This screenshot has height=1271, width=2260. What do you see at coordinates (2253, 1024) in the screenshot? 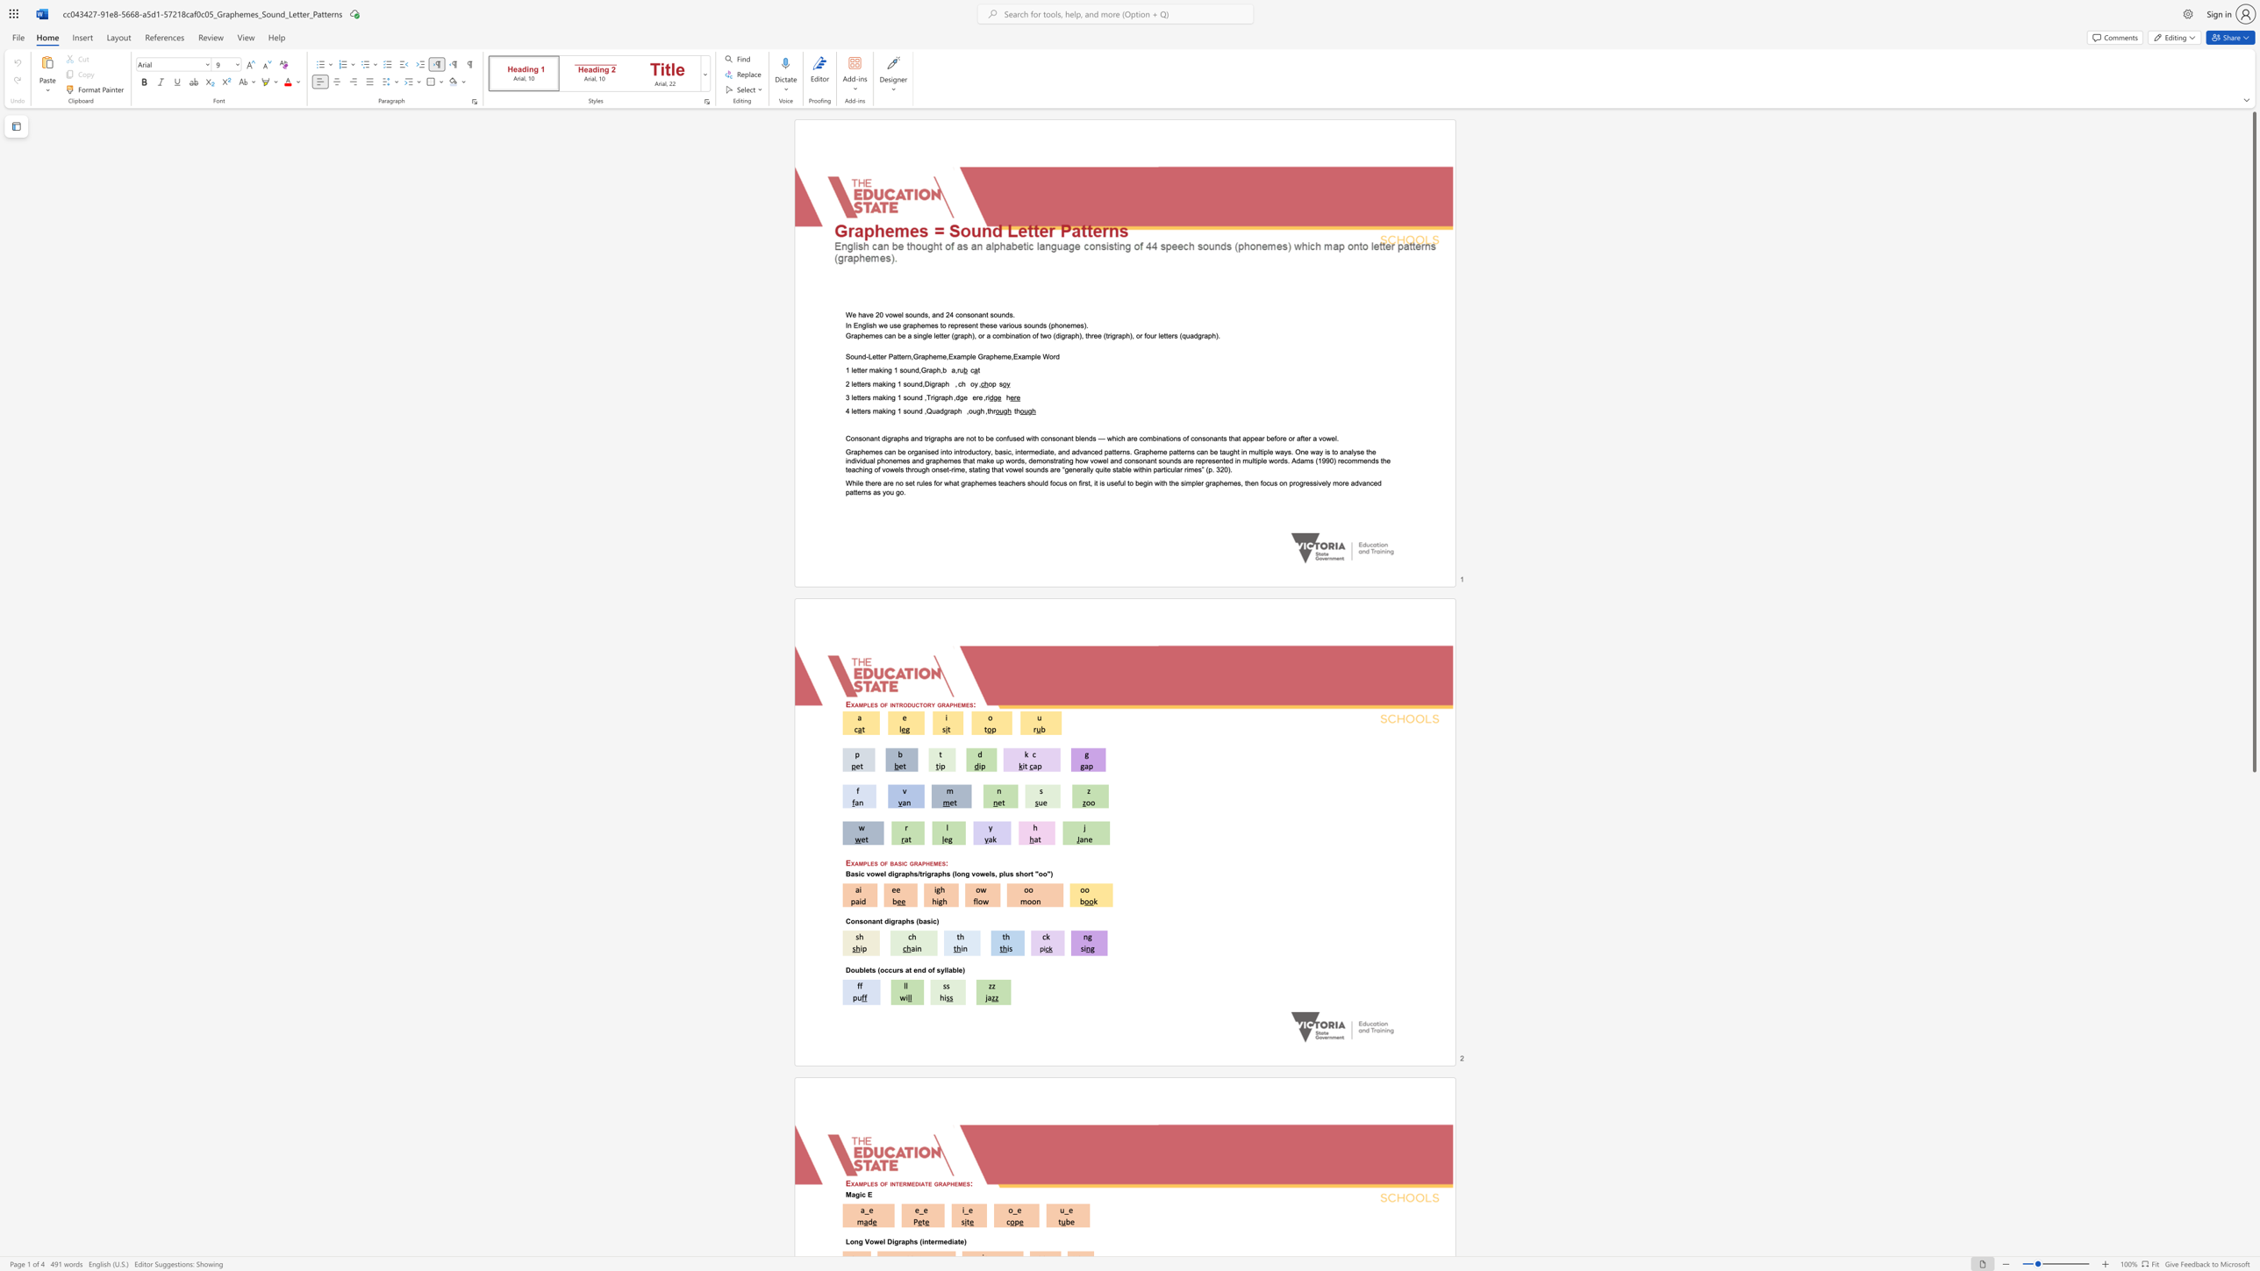
I see `the scrollbar to move the page downward` at bounding box center [2253, 1024].